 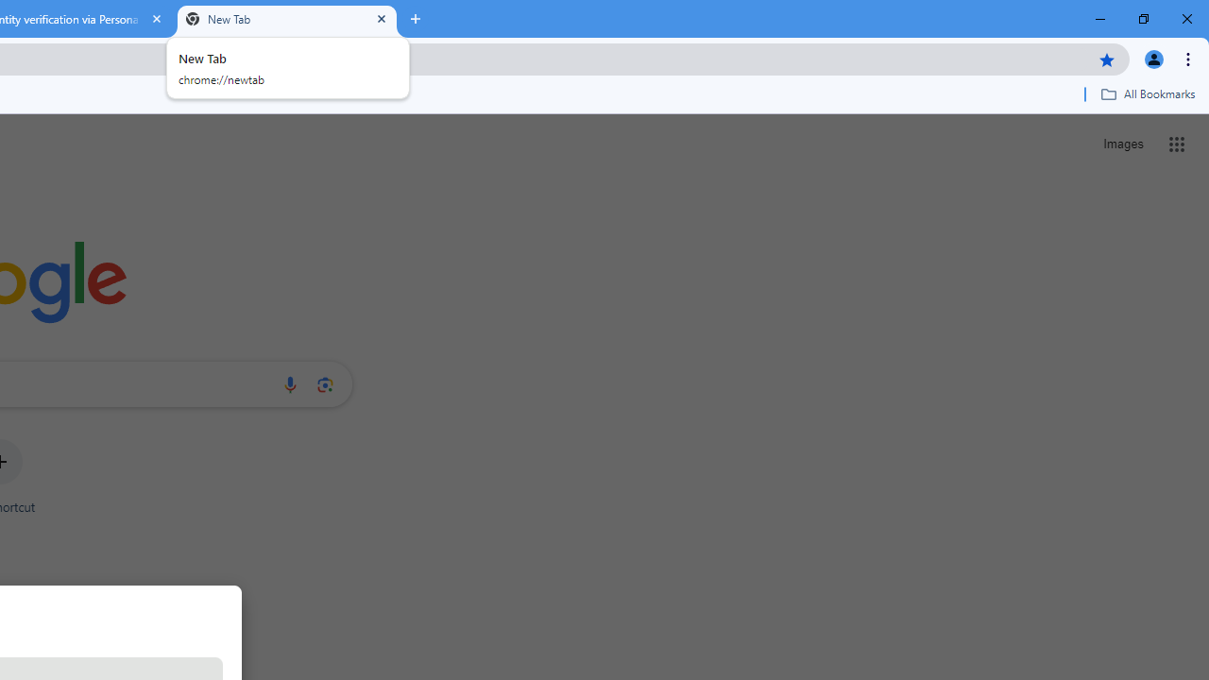 What do you see at coordinates (286, 19) in the screenshot?
I see `'New Tab'` at bounding box center [286, 19].